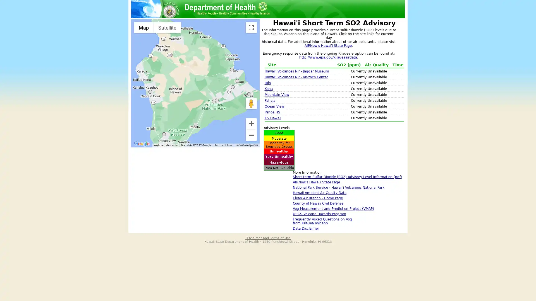 The width and height of the screenshot is (536, 301). Describe the element at coordinates (233, 87) in the screenshot. I see `Mountain View: No Data` at that location.